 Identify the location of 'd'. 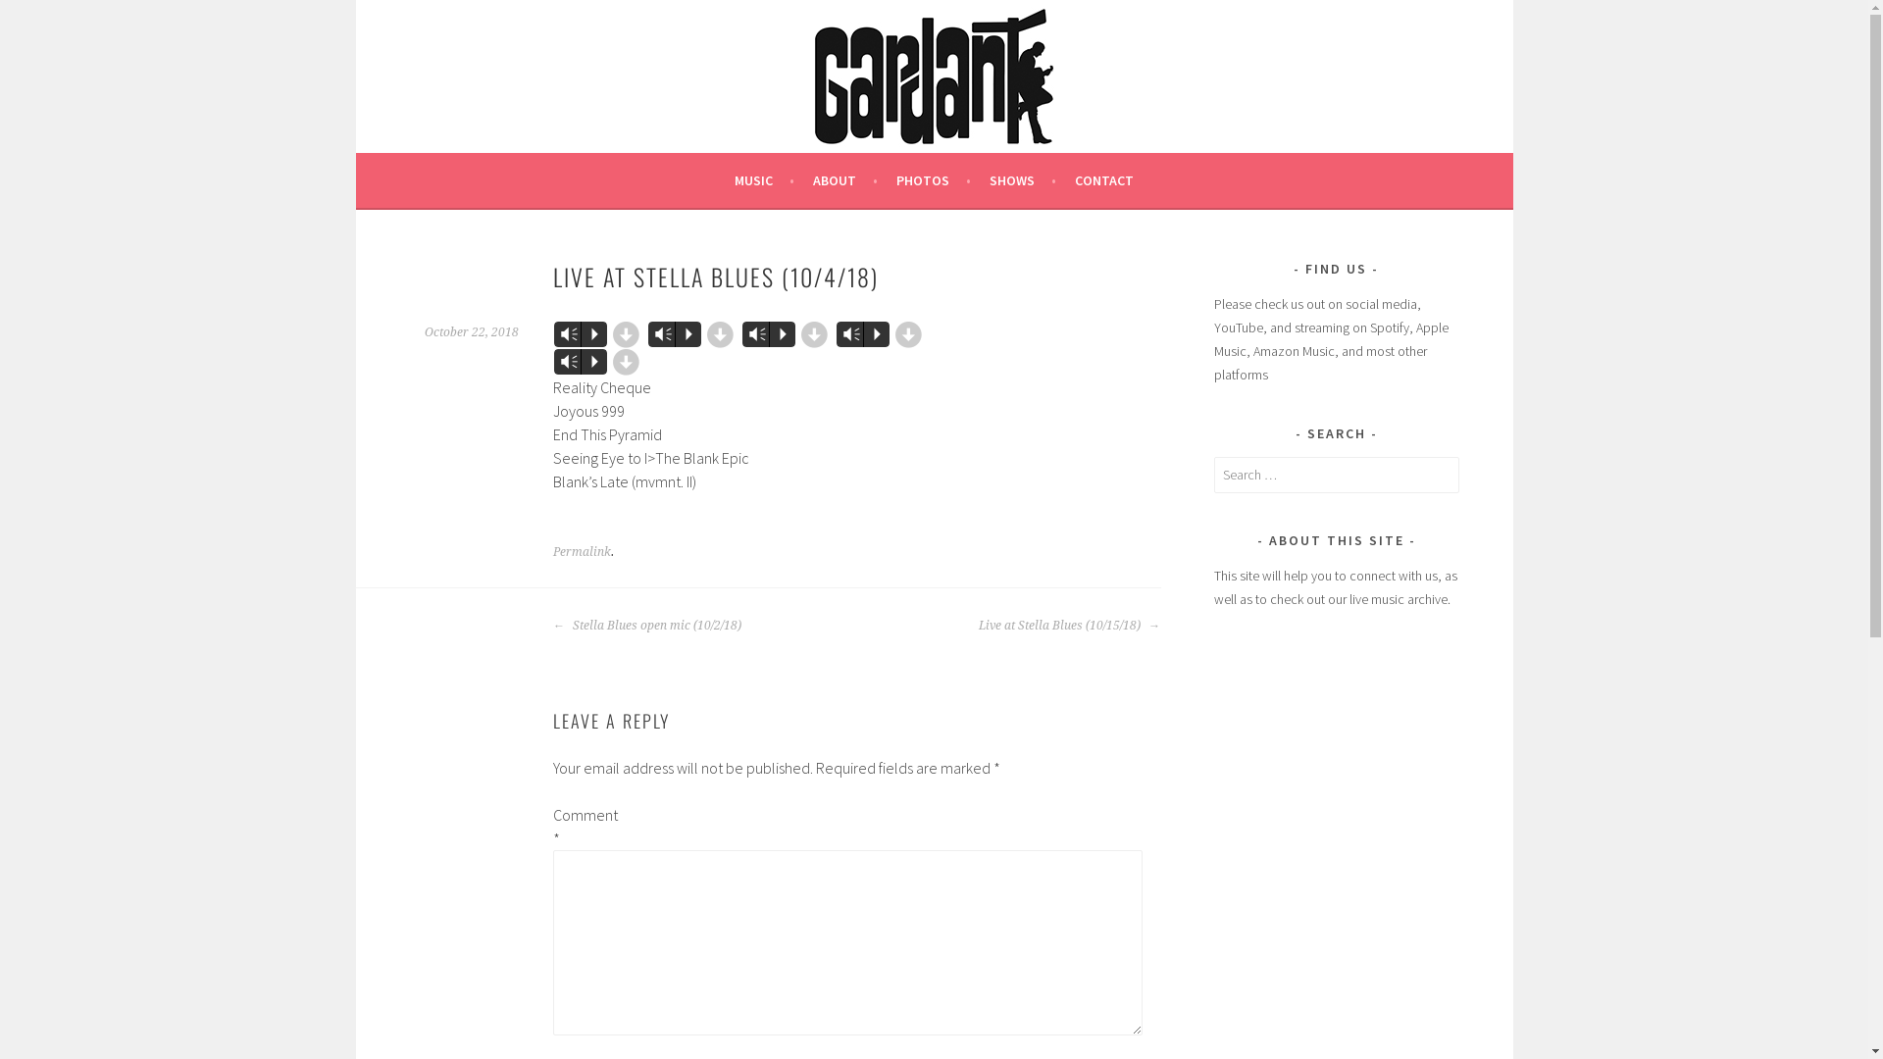
(907, 332).